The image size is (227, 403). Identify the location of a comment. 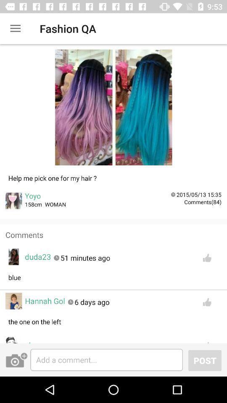
(106, 359).